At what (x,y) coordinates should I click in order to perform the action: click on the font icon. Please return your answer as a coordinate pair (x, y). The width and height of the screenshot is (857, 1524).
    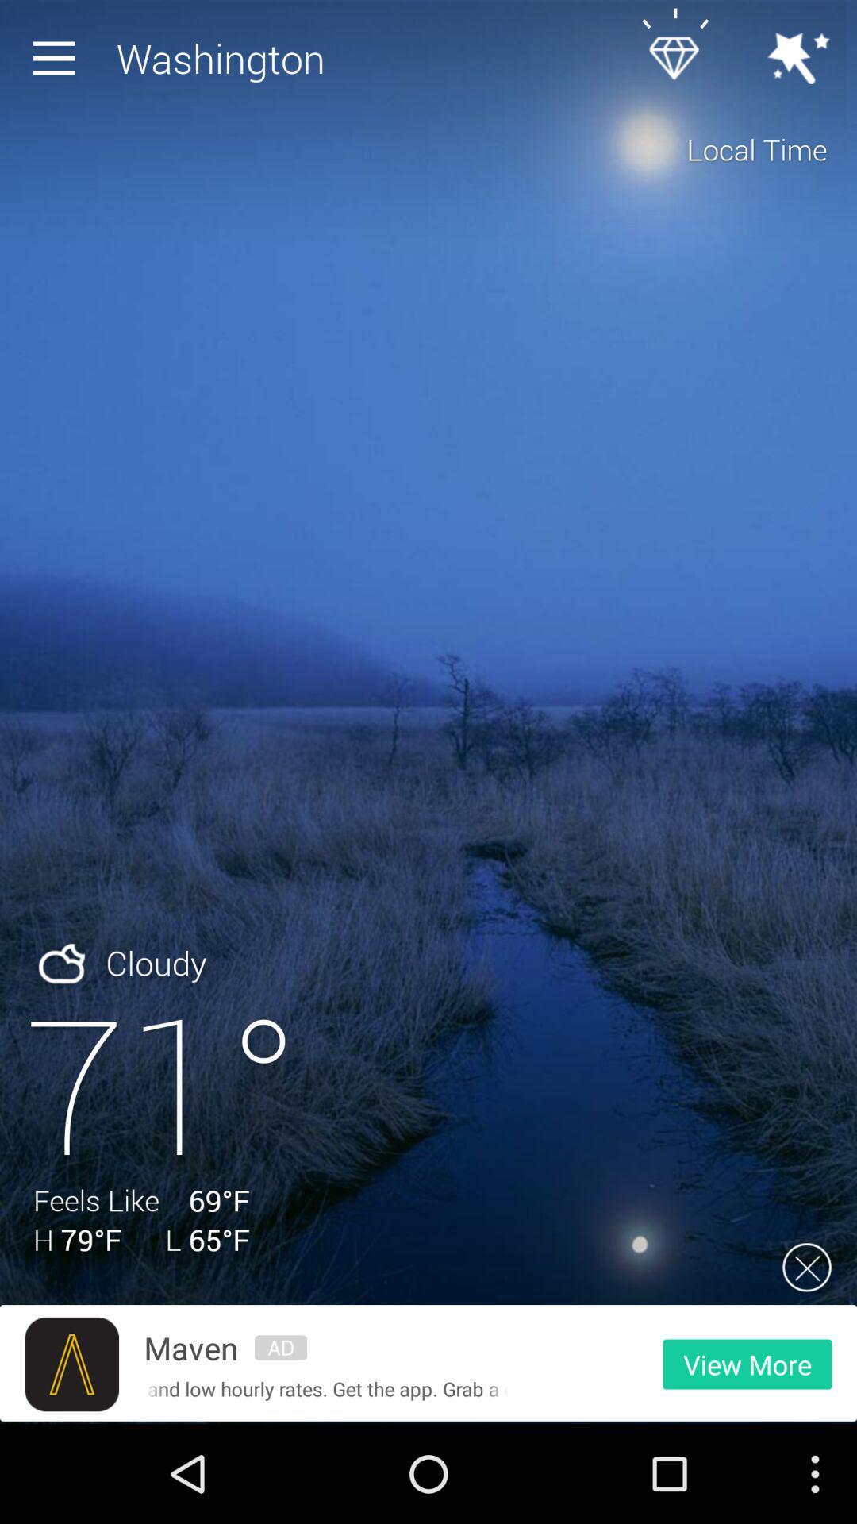
    Looking at the image, I should click on (71, 1460).